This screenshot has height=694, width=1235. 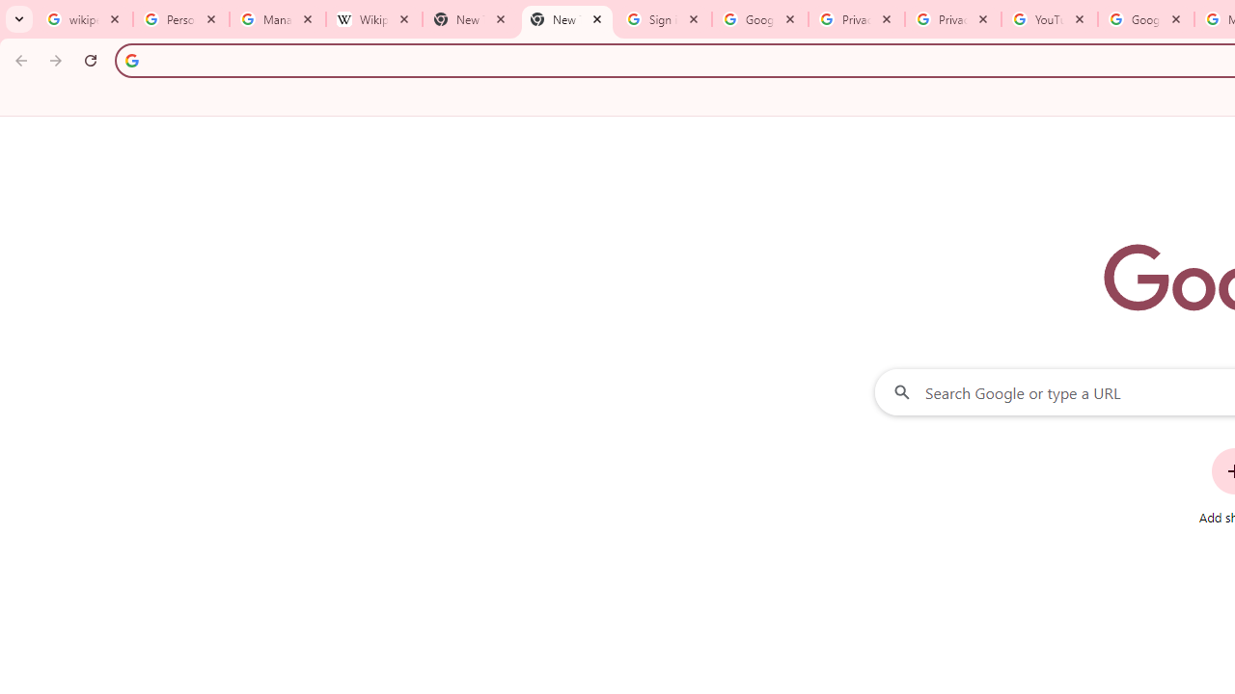 What do you see at coordinates (277, 19) in the screenshot?
I see `'Manage your Location History - Google Search Help'` at bounding box center [277, 19].